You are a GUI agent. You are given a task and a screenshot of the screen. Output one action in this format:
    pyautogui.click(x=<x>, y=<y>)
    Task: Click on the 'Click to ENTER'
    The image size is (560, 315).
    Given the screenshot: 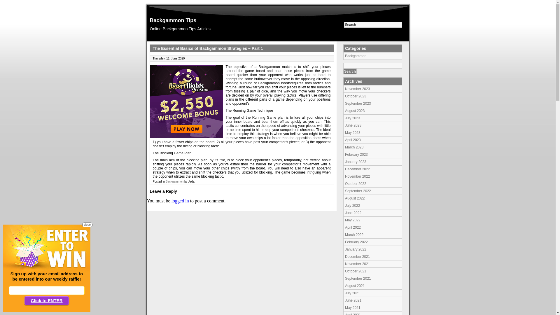 What is the action you would take?
    pyautogui.click(x=46, y=300)
    